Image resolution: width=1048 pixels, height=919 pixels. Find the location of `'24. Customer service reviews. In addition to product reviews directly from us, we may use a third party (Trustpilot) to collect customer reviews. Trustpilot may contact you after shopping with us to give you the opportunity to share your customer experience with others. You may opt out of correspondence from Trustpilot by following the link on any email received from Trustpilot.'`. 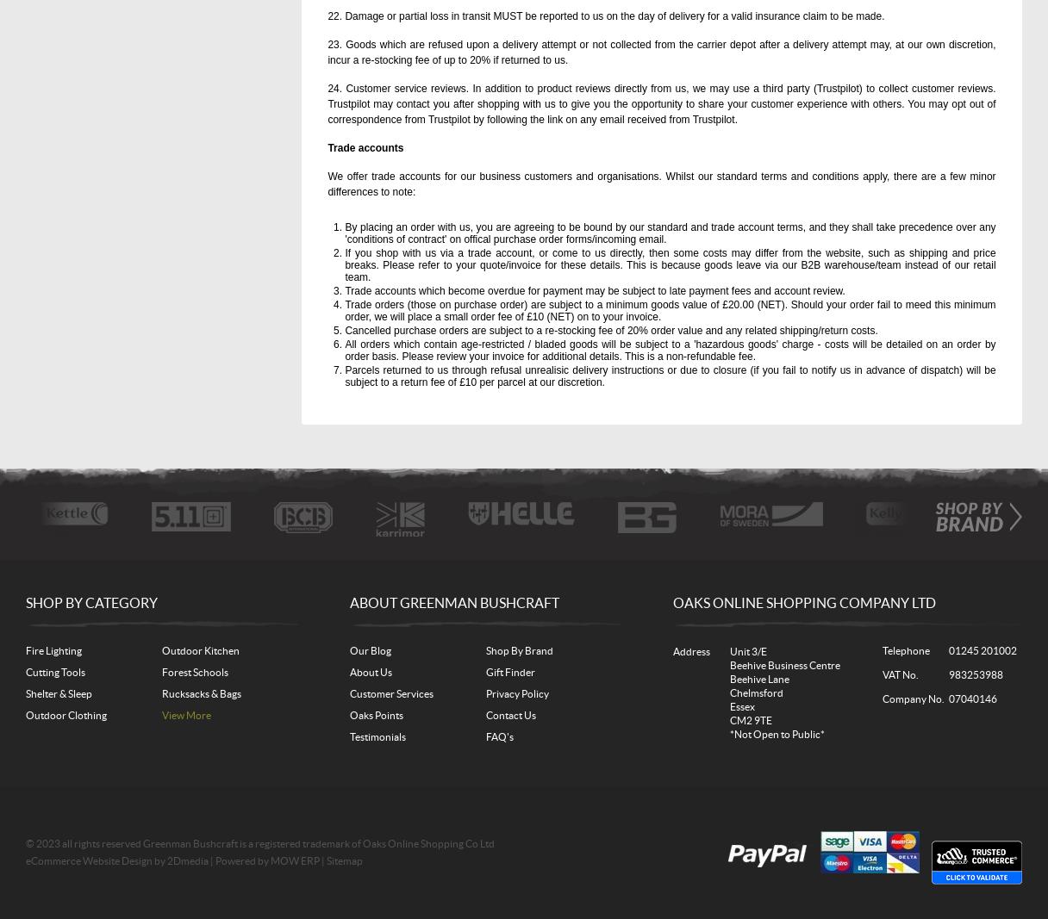

'24. Customer service reviews. In addition to product reviews directly from us, we may use a third party (Trustpilot) to collect customer reviews. Trustpilot may contact you after shopping with us to give you the opportunity to share your customer experience with others. You may opt out of correspondence from Trustpilot by following the link on any email received from Trustpilot.' is located at coordinates (661, 102).